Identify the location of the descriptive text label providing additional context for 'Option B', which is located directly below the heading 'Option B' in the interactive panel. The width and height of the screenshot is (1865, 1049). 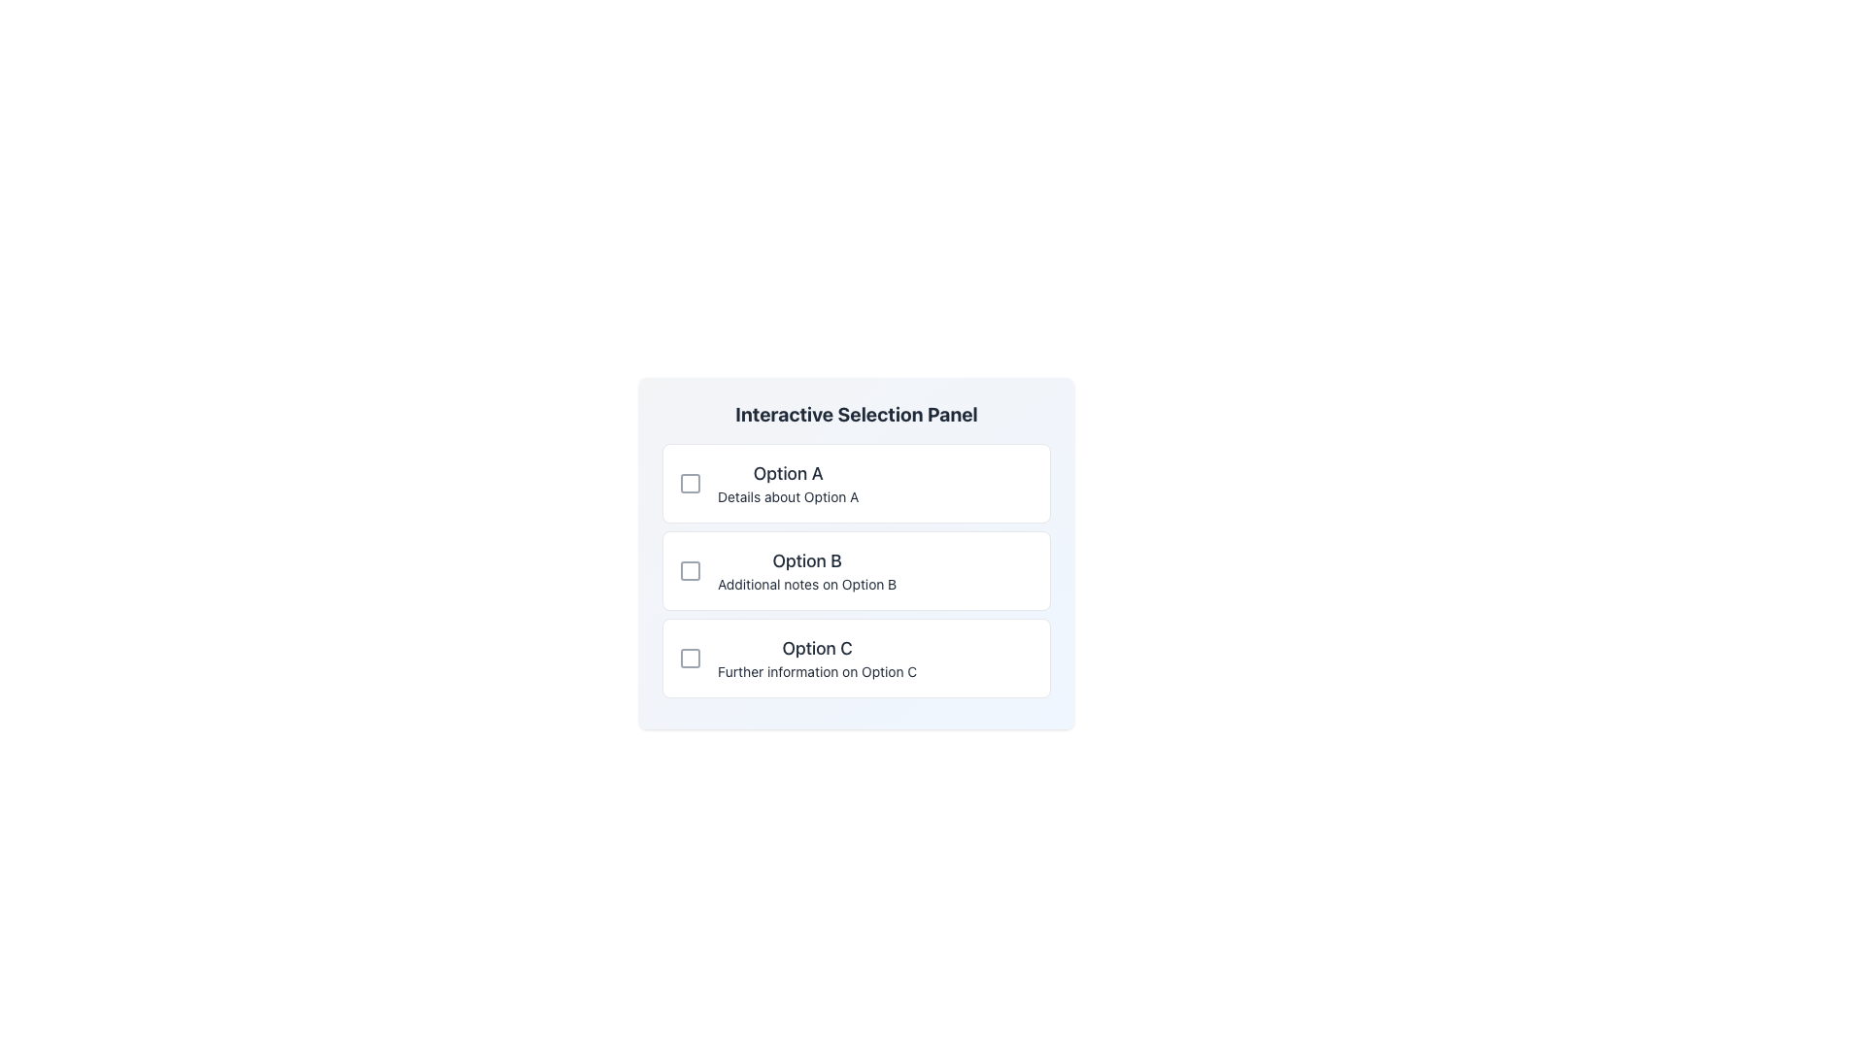
(807, 583).